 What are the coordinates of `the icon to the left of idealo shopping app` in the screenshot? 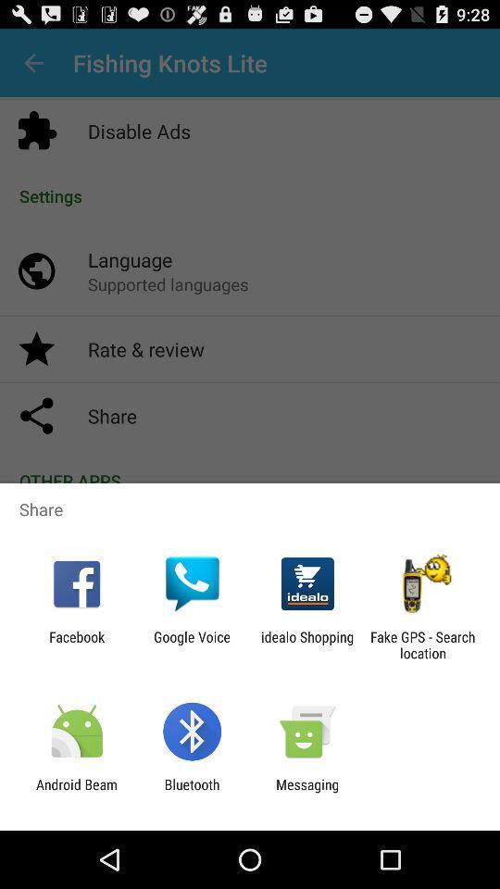 It's located at (191, 645).